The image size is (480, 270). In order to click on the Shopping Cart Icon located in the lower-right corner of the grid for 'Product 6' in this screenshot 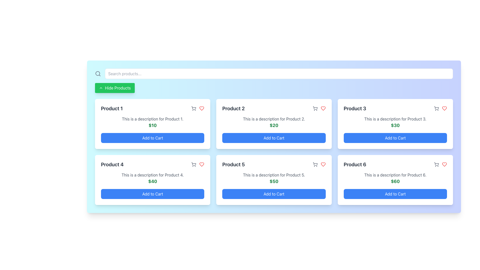, I will do `click(436, 164)`.